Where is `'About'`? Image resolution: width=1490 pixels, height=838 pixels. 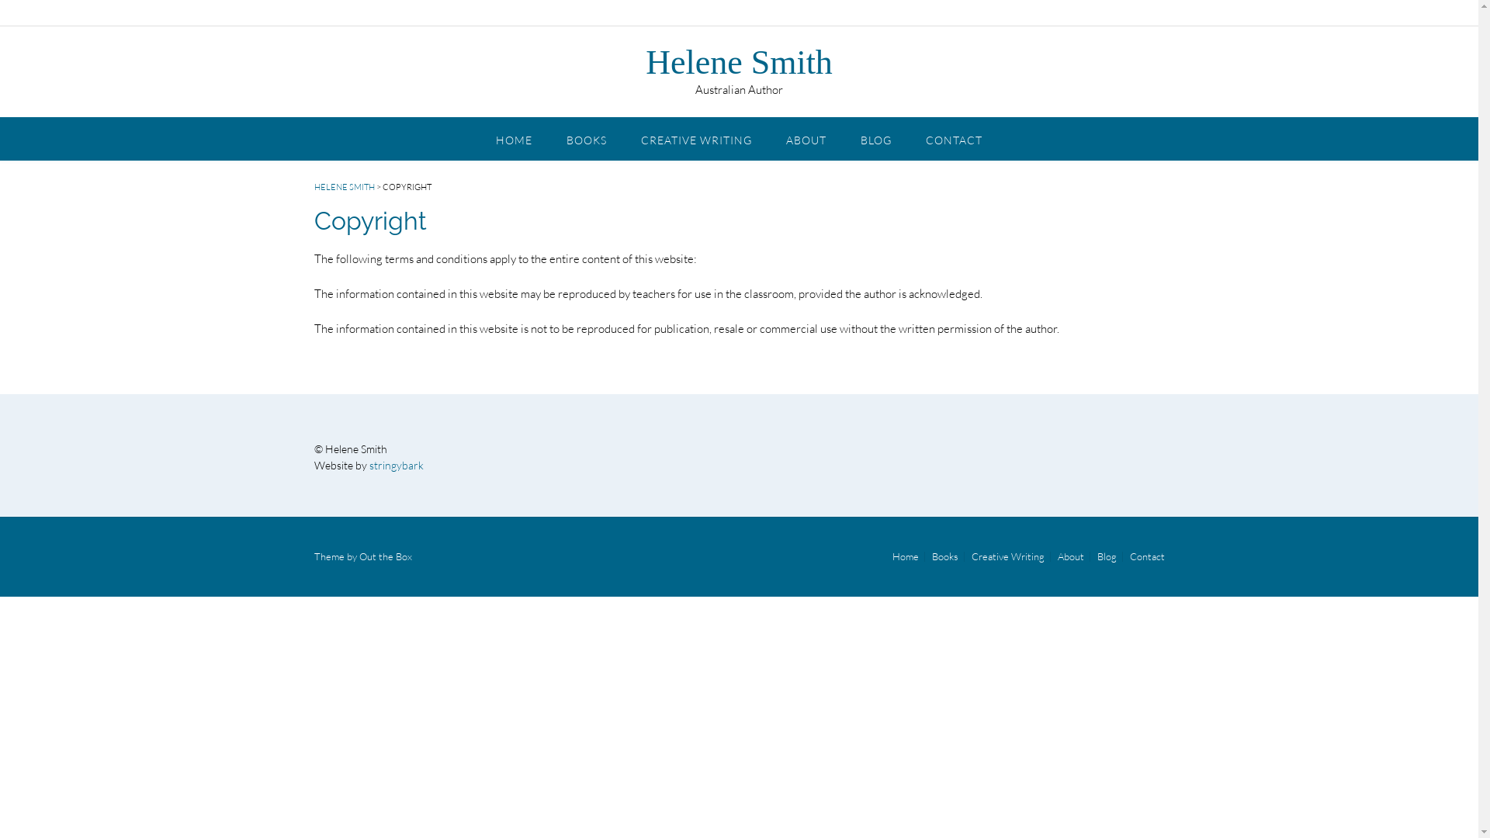 'About' is located at coordinates (1070, 556).